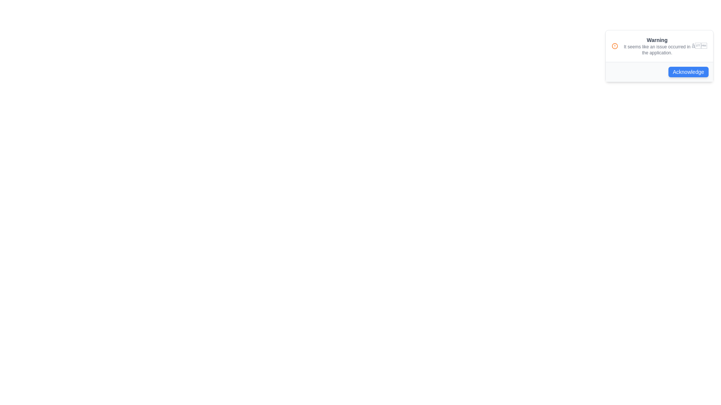 The image size is (721, 405). I want to click on notification message from the informational notification card that contains an orange circular alert icon, a bold headline 'Warning', and a message stating 'It seems like an issue occurred in the application.', so click(659, 46).